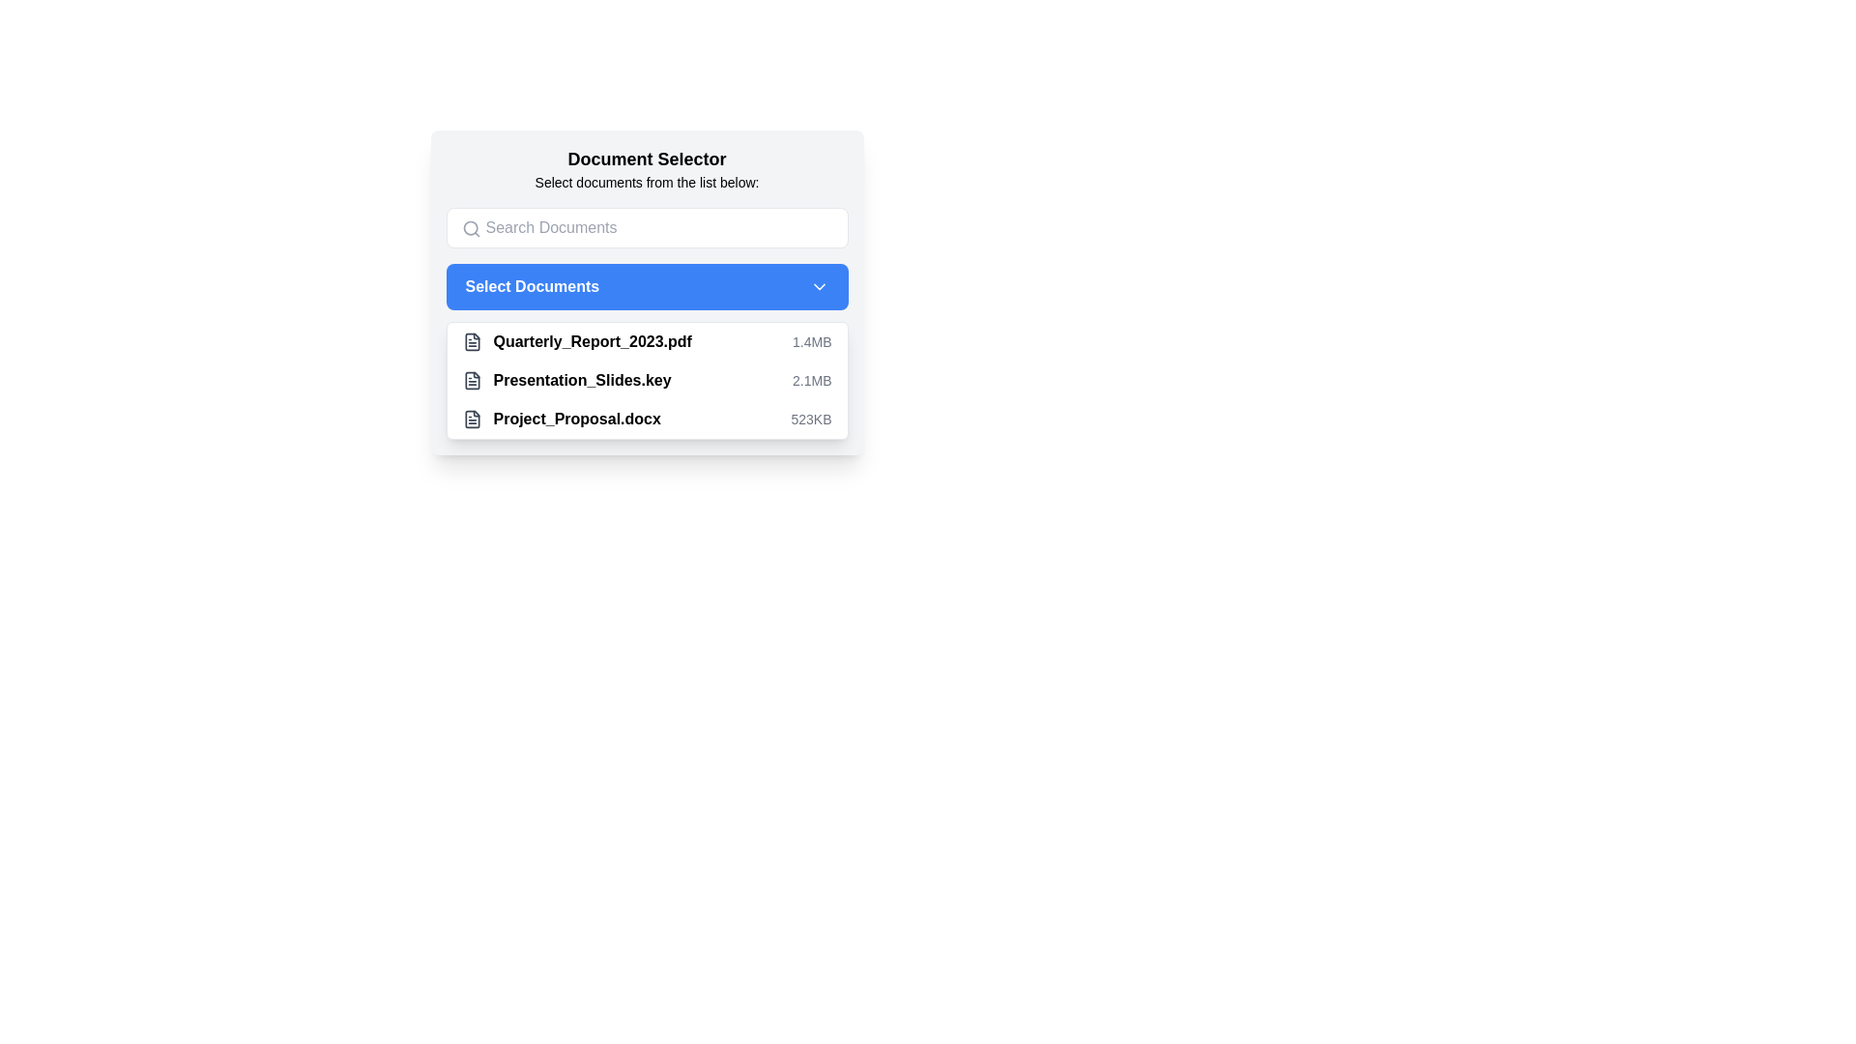 This screenshot has width=1856, height=1044. What do you see at coordinates (471, 227) in the screenshot?
I see `the circular magnifying glass icon located at the top-left corner of the search bar to initiate a search` at bounding box center [471, 227].